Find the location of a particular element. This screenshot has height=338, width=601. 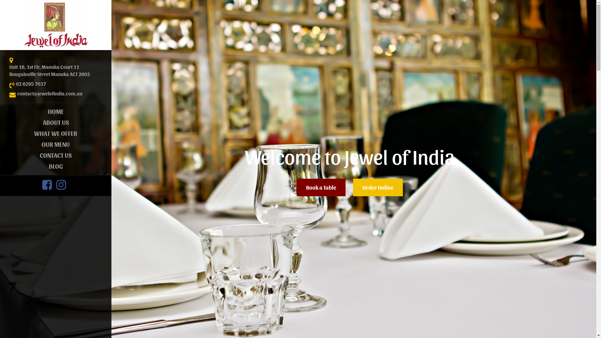

'BLOG' is located at coordinates (55, 166).